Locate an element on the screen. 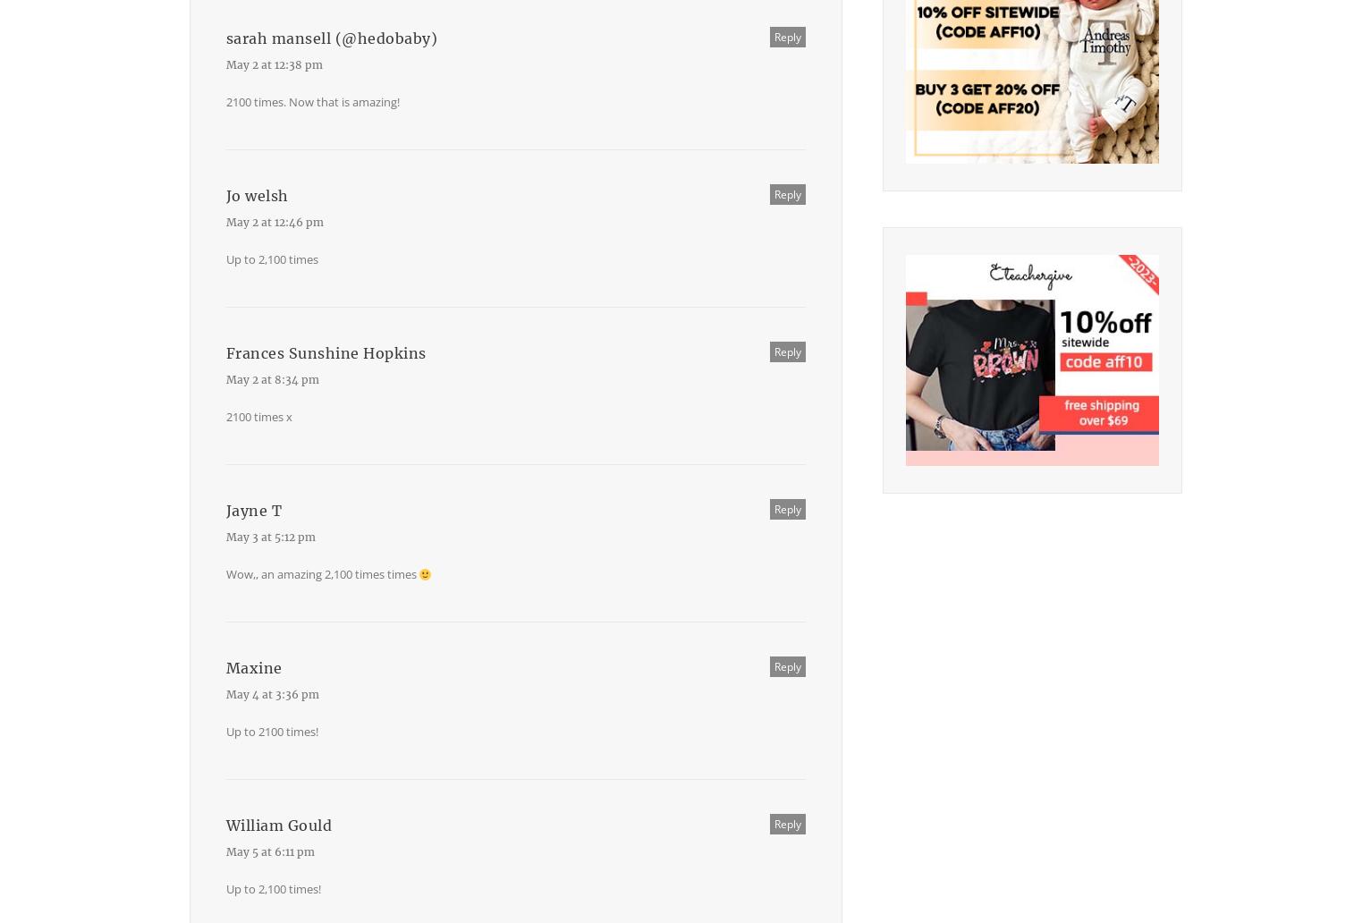  'May 2 at 12:38 pm' is located at coordinates (273, 64).